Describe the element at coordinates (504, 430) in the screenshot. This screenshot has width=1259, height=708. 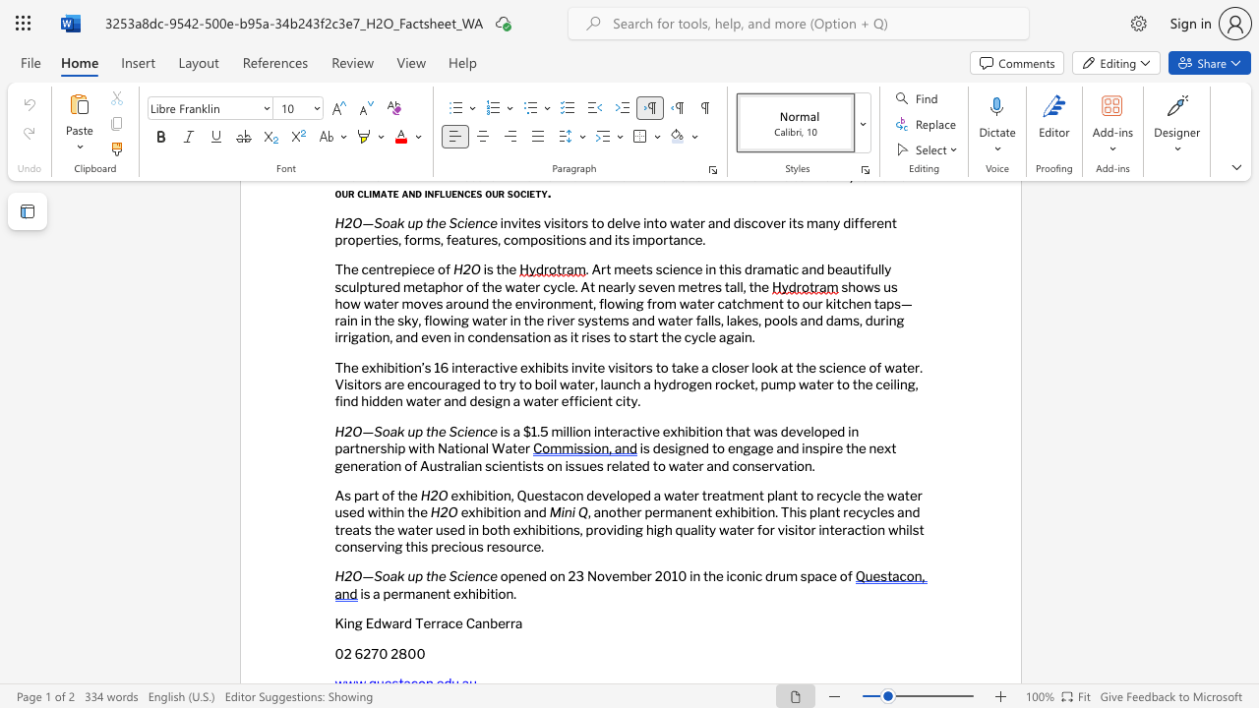
I see `the space between the continuous character "i" and "s" in the text` at that location.